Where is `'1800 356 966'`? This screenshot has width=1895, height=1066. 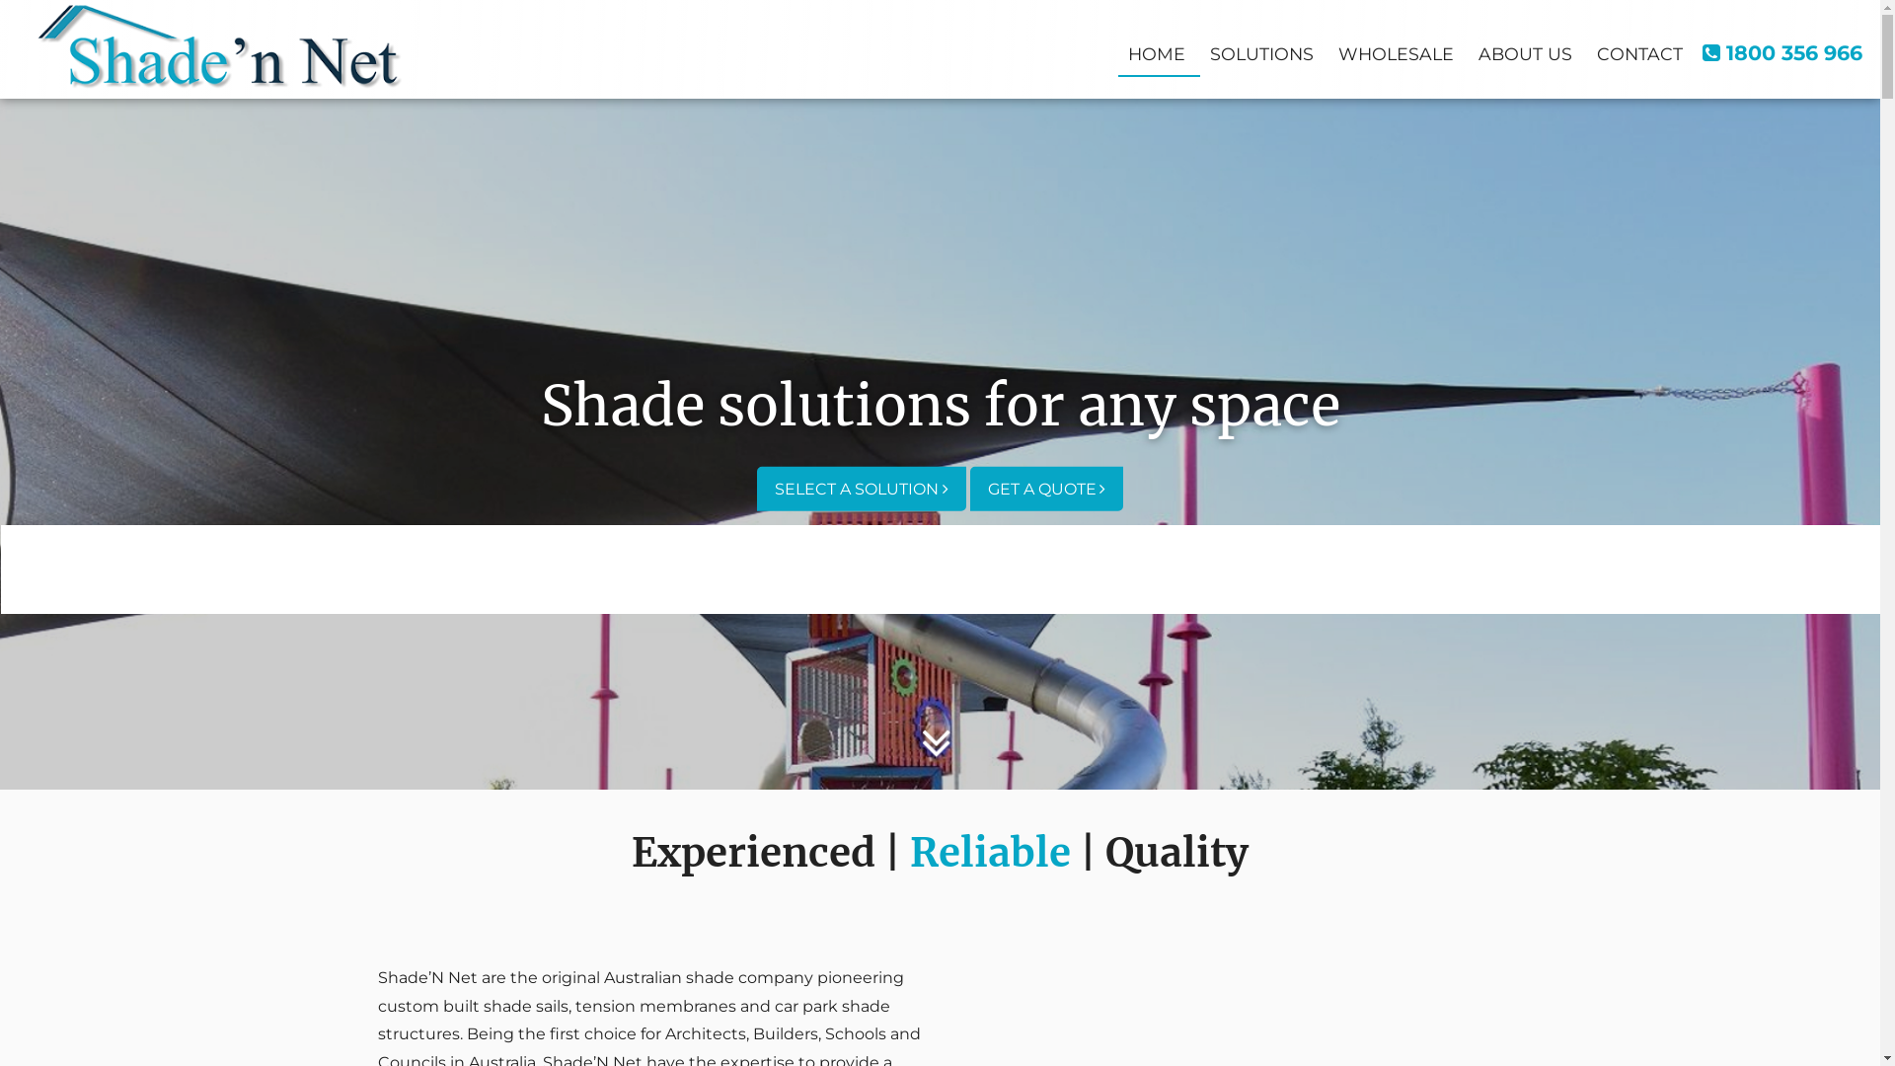 '1800 356 966' is located at coordinates (1781, 51).